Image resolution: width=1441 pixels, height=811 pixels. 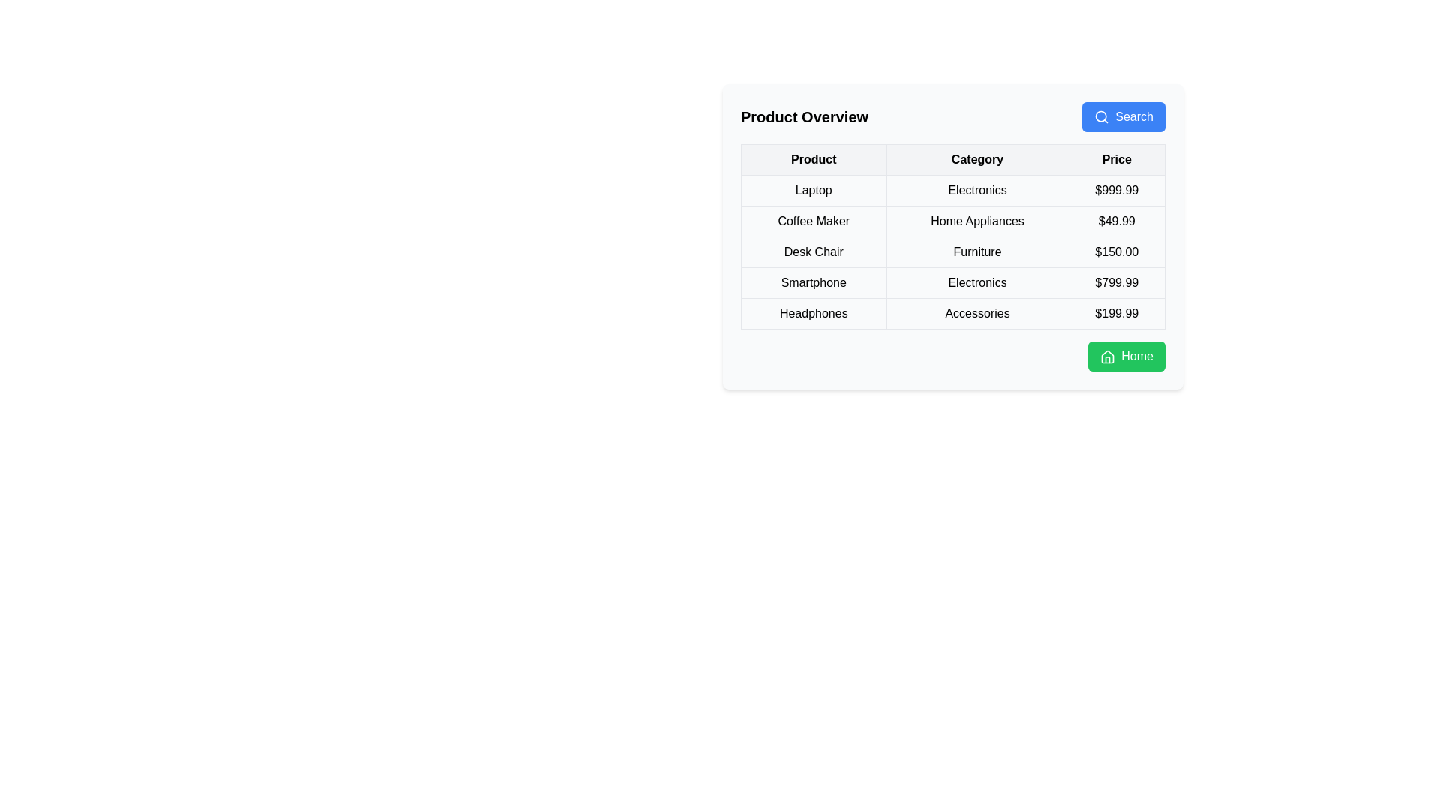 What do you see at coordinates (1117, 283) in the screenshot?
I see `the price text label for the 'Smartphone' item in the last column of the product overview table` at bounding box center [1117, 283].